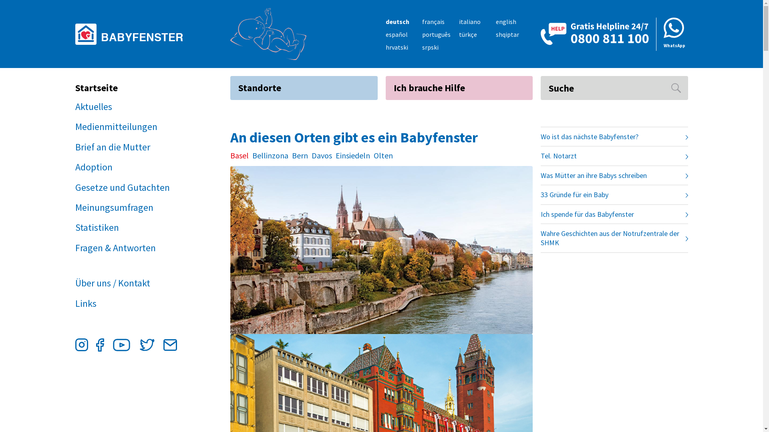  I want to click on 'Einsiedeln', so click(336, 156).